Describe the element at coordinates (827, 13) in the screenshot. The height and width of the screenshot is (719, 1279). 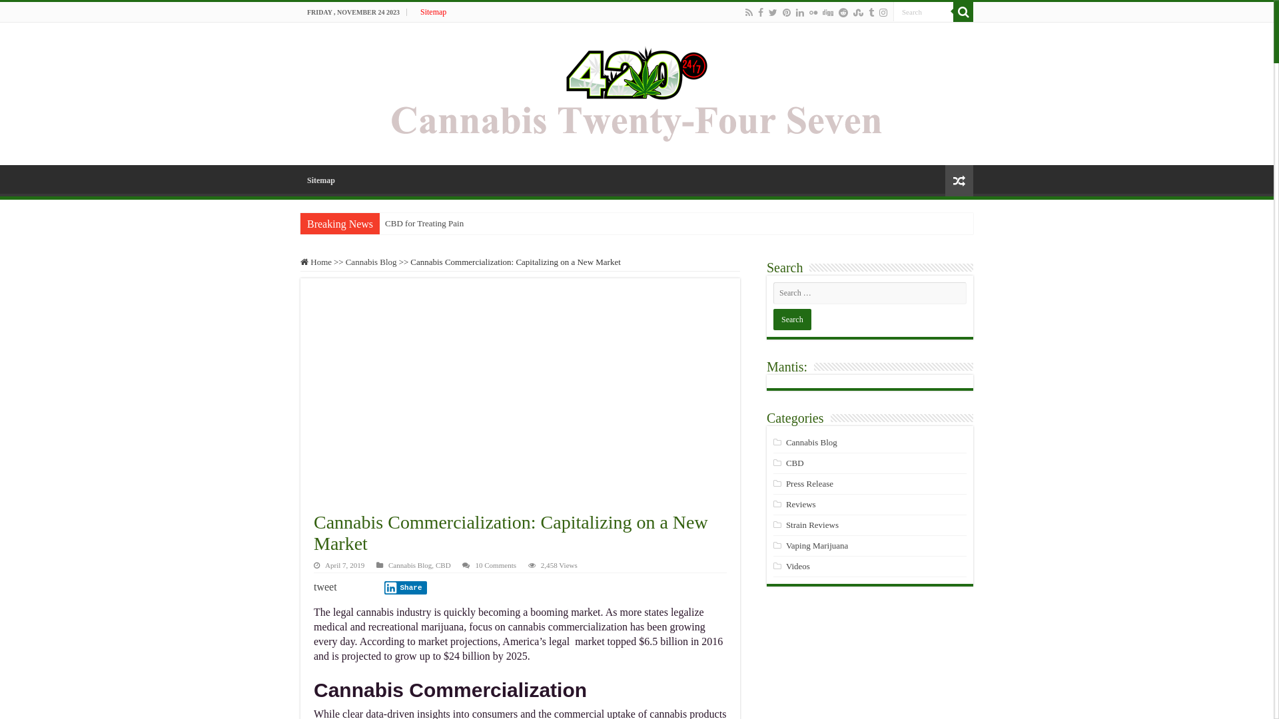
I see `'Digg'` at that location.